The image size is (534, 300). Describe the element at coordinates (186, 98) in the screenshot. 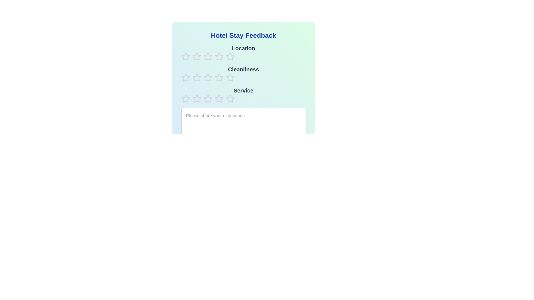

I see `the first star icon in the rating row for the 'Service' criterion in the 'Hotel Stay Feedback' interface for keyboard interaction` at that location.